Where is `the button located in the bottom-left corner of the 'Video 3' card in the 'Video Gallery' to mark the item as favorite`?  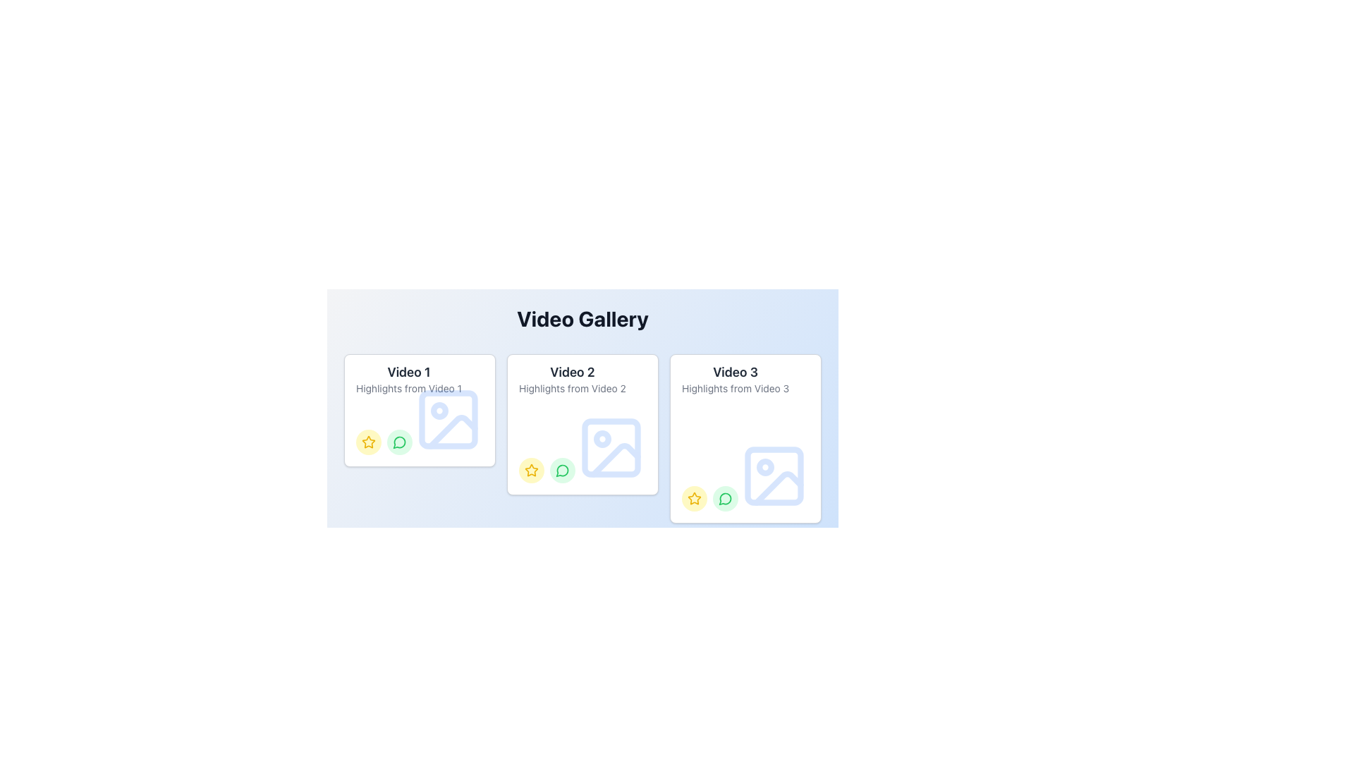 the button located in the bottom-left corner of the 'Video 3' card in the 'Video Gallery' to mark the item as favorite is located at coordinates (694, 497).